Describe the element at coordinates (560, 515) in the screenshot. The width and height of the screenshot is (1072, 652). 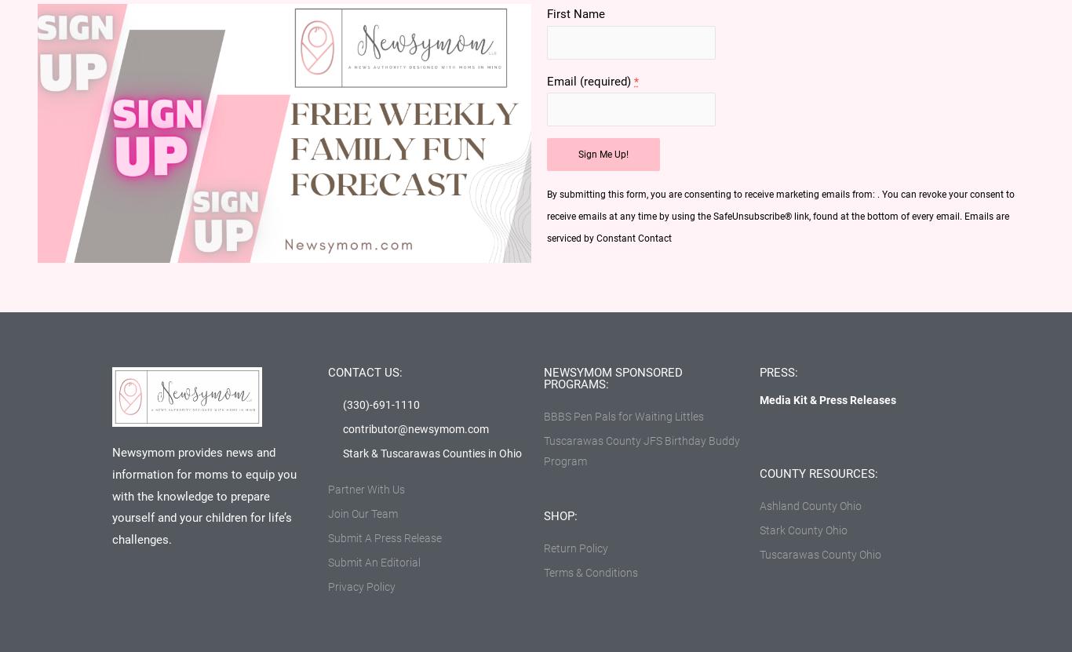
I see `'SHOP:'` at that location.